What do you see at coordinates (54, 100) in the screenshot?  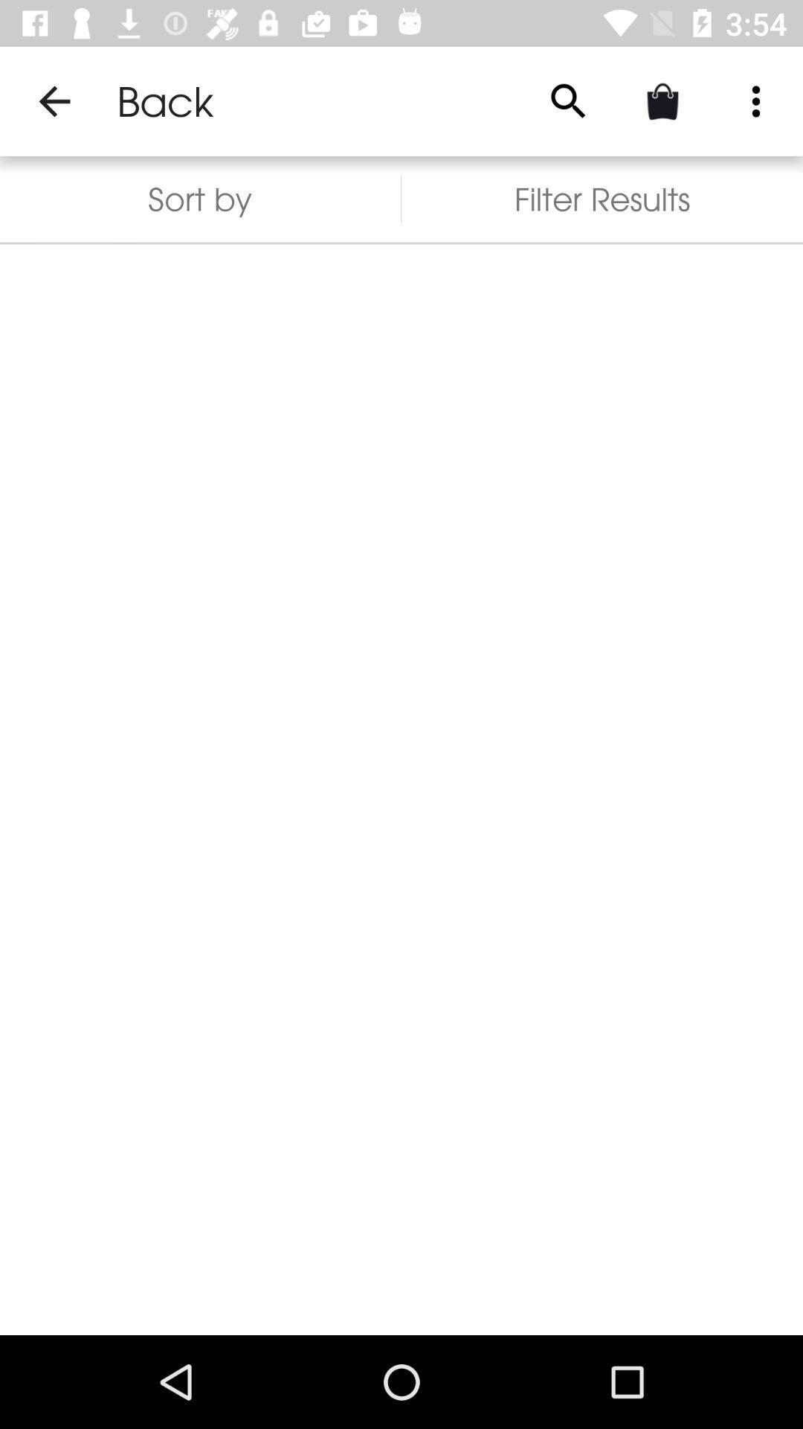 I see `item above the sort by item` at bounding box center [54, 100].